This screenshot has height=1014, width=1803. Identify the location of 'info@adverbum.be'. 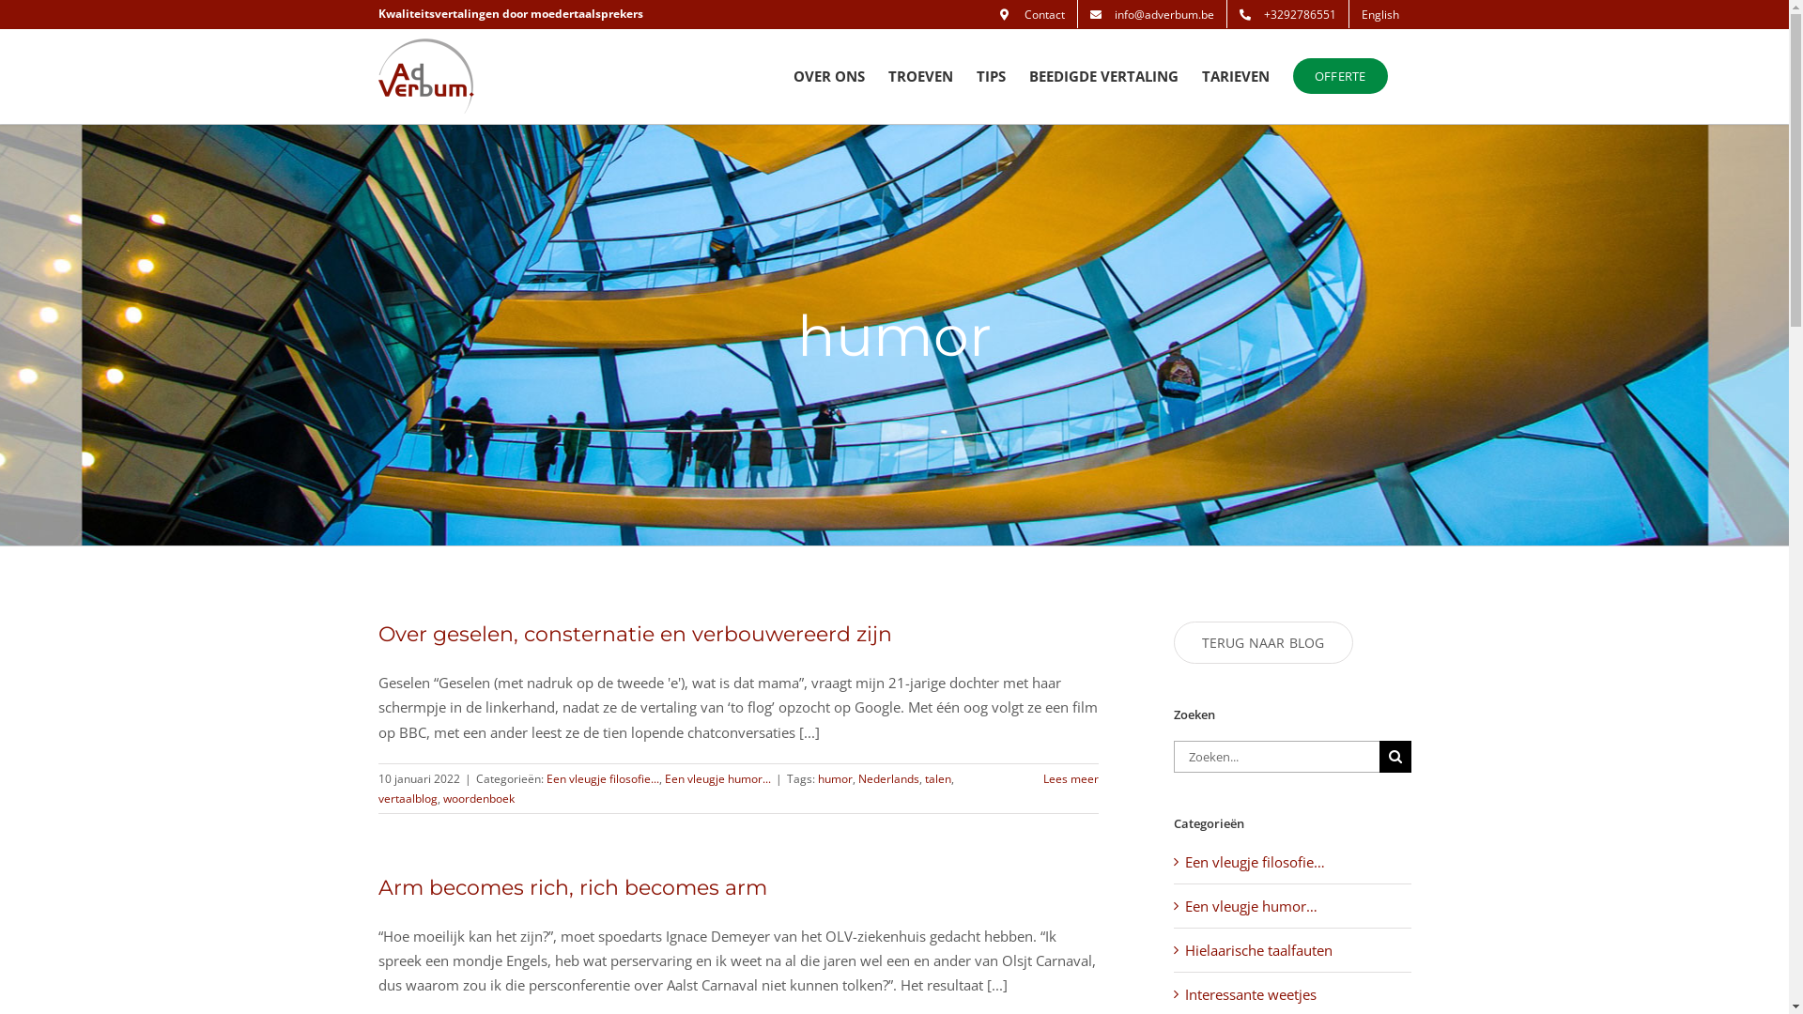
(1151, 14).